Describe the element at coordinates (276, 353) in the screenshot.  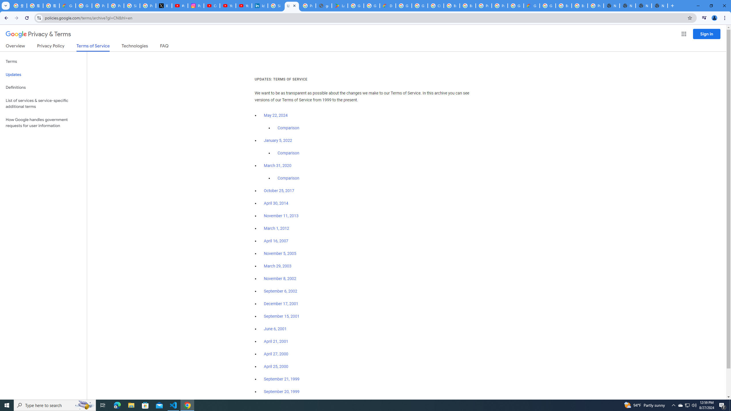
I see `'April 27, 2000'` at that location.